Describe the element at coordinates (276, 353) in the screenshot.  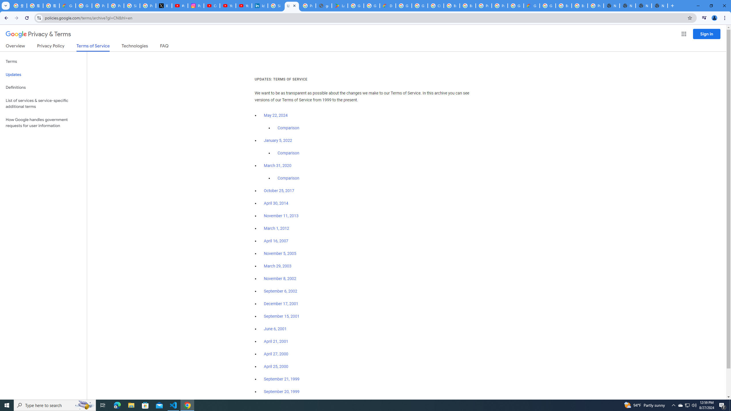
I see `'April 27, 2000'` at that location.